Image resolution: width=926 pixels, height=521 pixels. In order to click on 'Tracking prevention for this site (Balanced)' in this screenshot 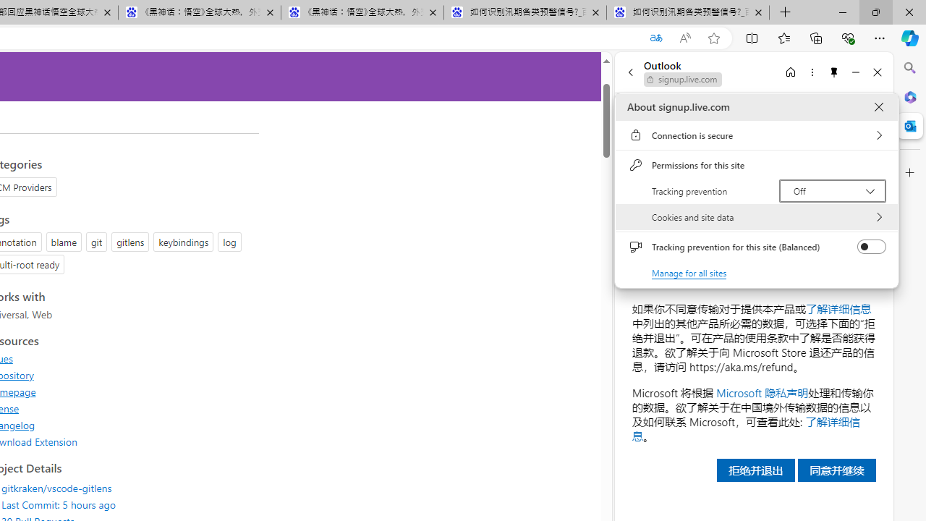, I will do `click(871, 246)`.